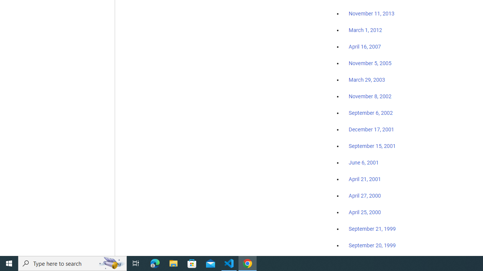 This screenshot has width=483, height=271. What do you see at coordinates (363, 162) in the screenshot?
I see `'June 6, 2001'` at bounding box center [363, 162].